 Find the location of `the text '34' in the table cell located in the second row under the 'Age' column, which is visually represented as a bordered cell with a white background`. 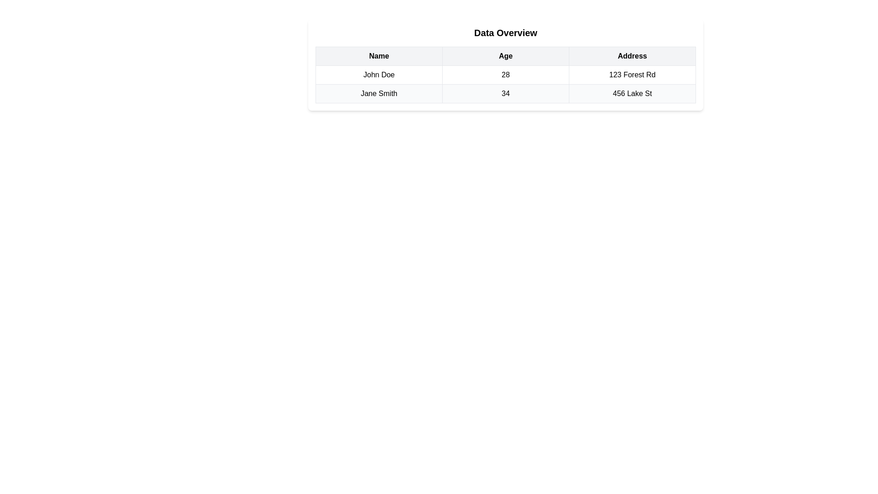

the text '34' in the table cell located in the second row under the 'Age' column, which is visually represented as a bordered cell with a white background is located at coordinates (505, 93).